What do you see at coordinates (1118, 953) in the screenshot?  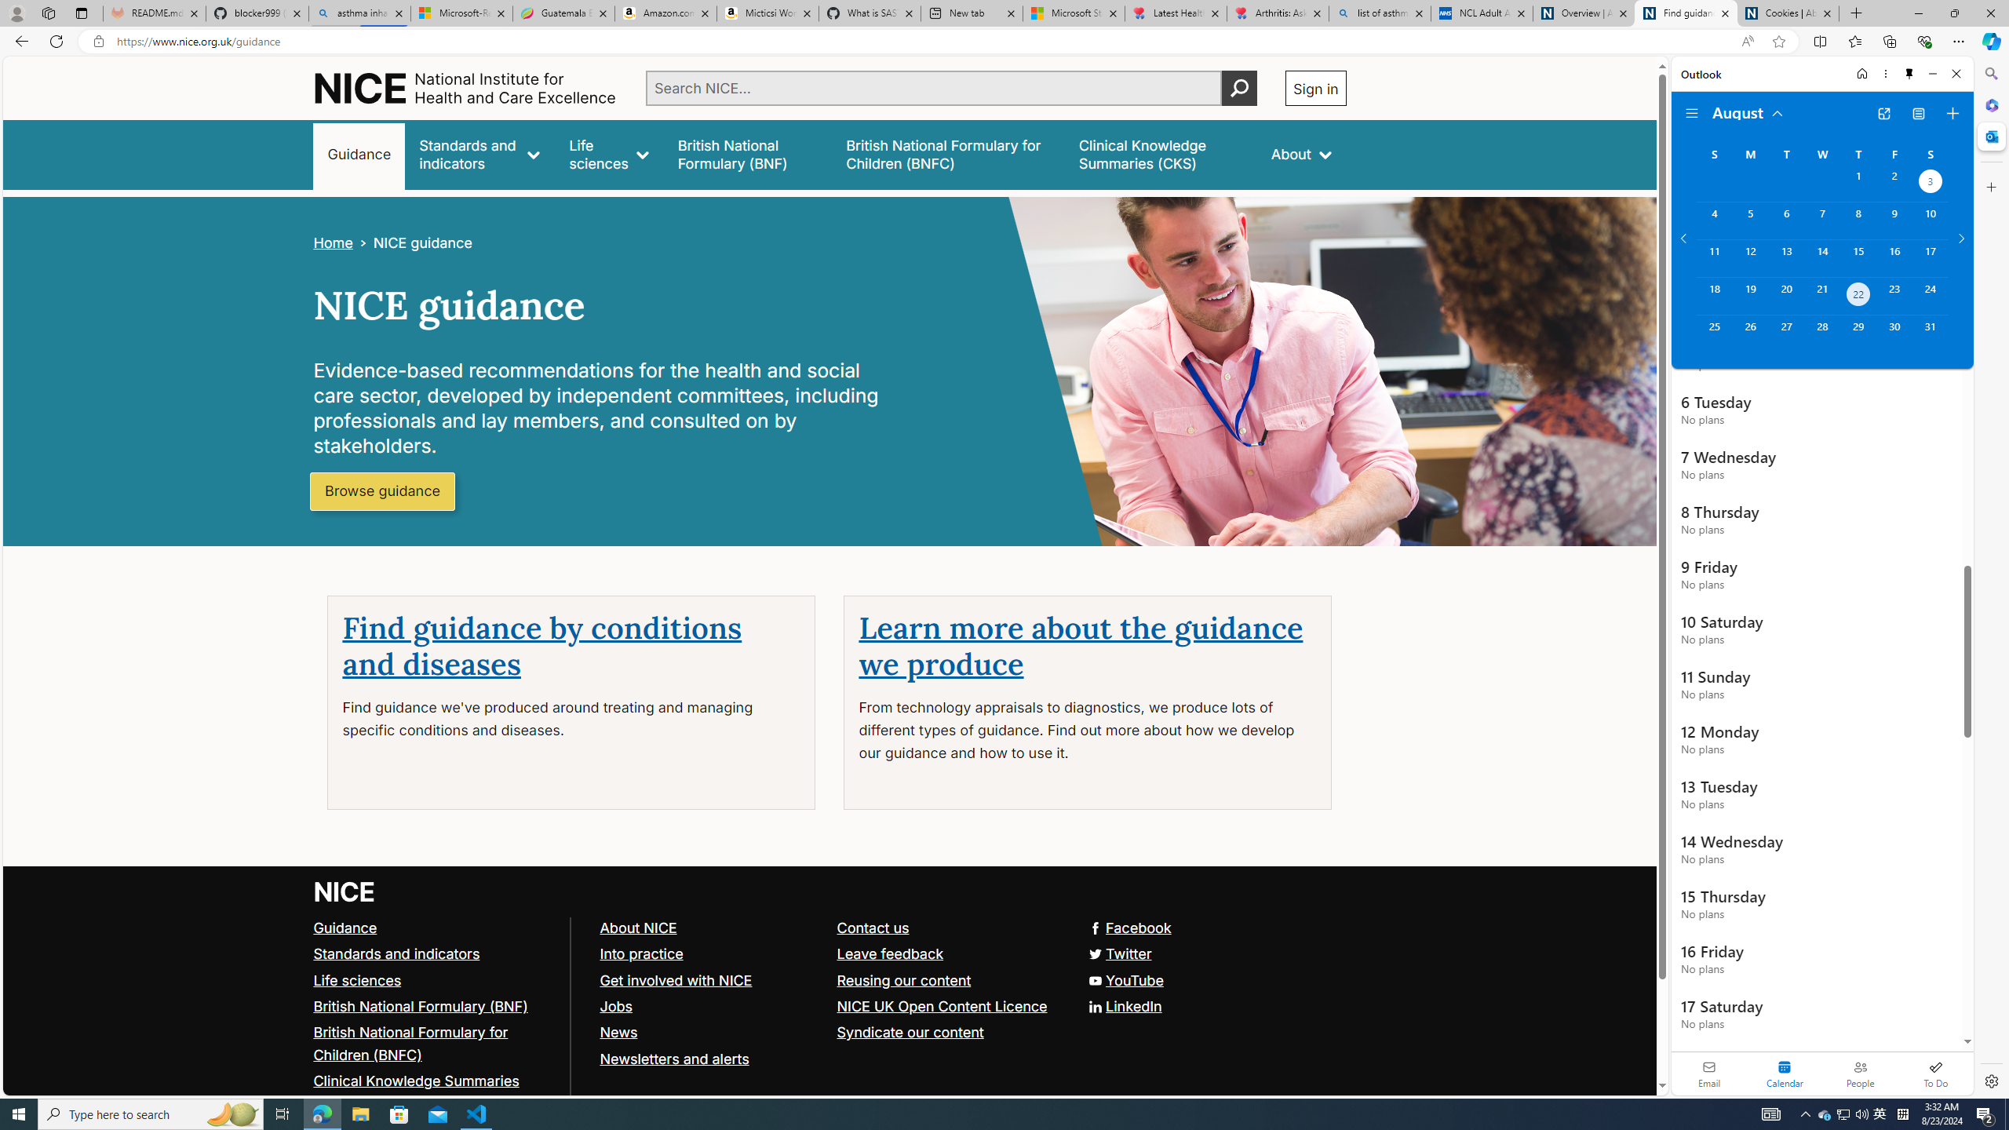 I see `'Twitter'` at bounding box center [1118, 953].